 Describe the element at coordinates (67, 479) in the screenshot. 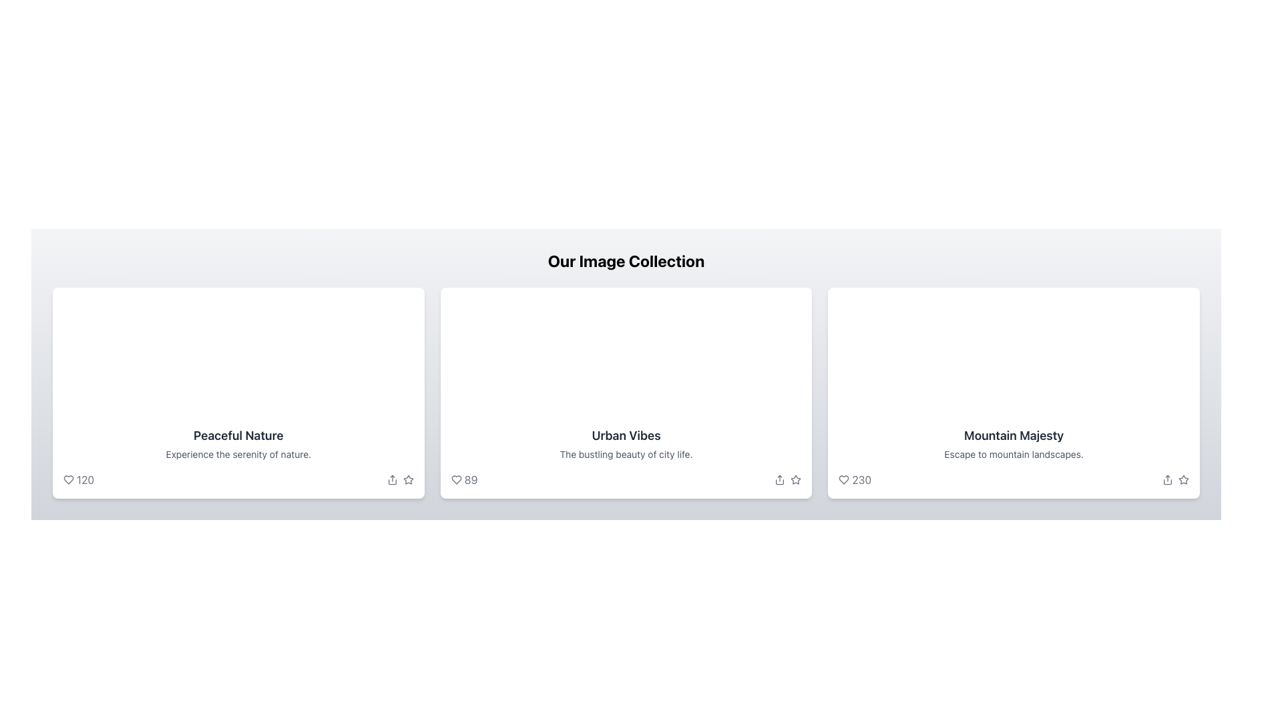

I see `the heart-shaped icon indicating 'like' or 'favorite' within the 'Peaceful Nature' card, located at the bottom-left corner of the card` at that location.